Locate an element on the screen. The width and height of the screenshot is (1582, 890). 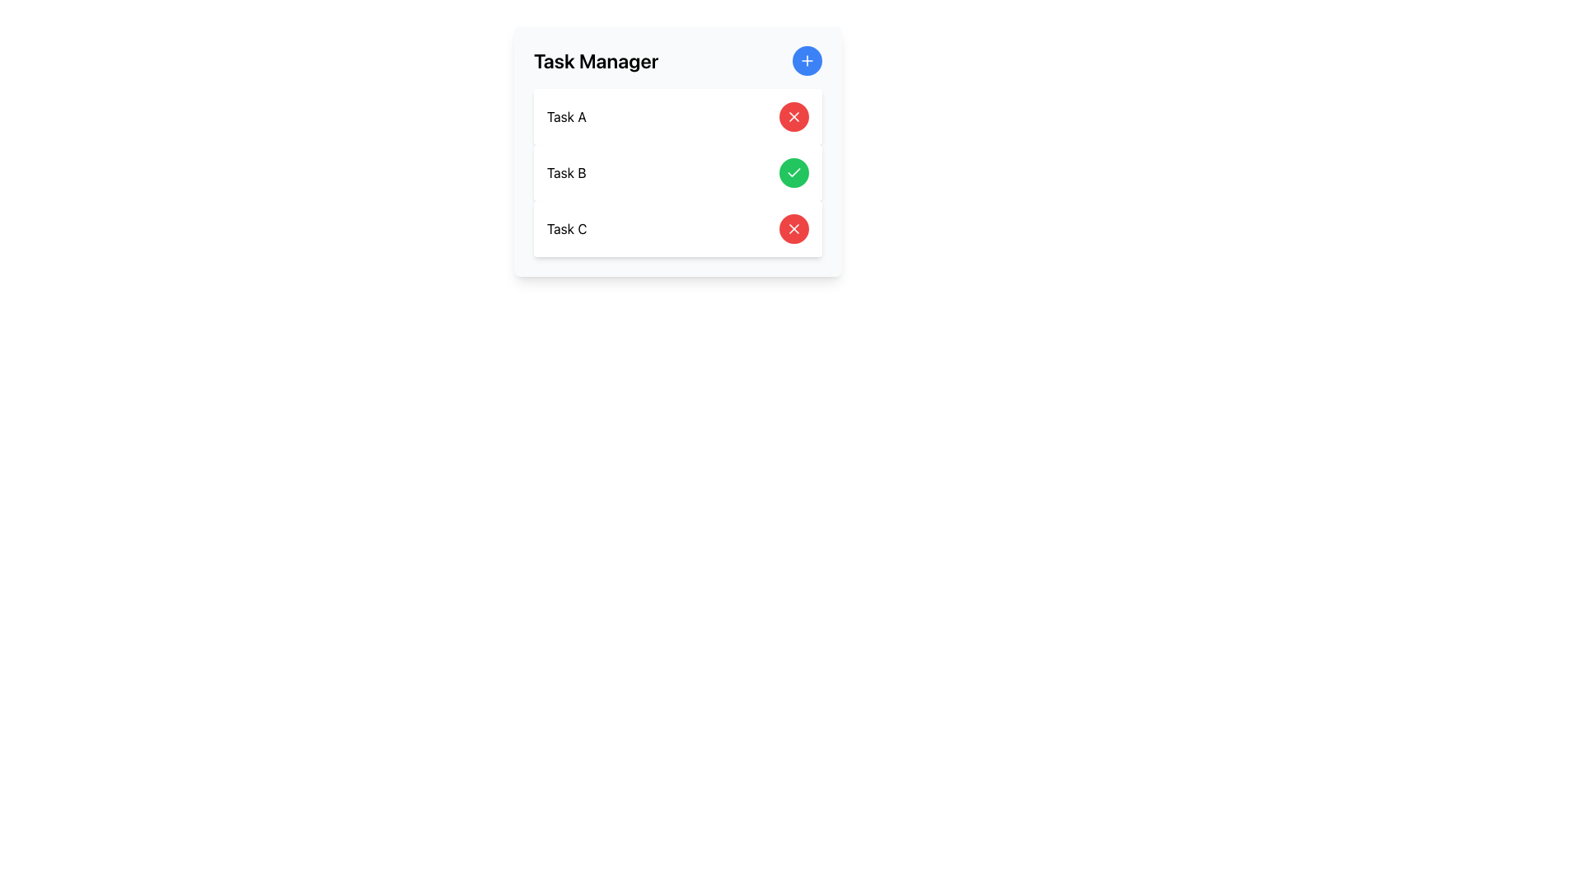
the delete button located at the far right within the 'Task C' row of the task list is located at coordinates (794, 228).